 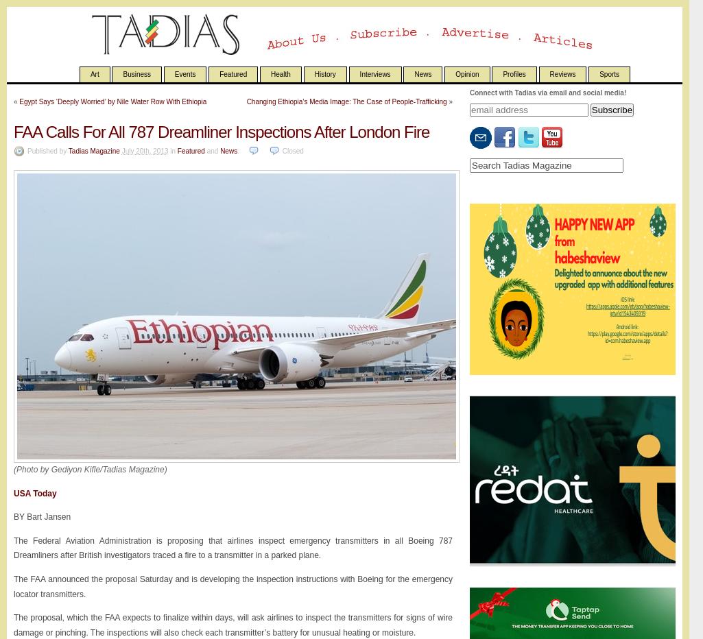 What do you see at coordinates (514, 74) in the screenshot?
I see `'Profiles'` at bounding box center [514, 74].